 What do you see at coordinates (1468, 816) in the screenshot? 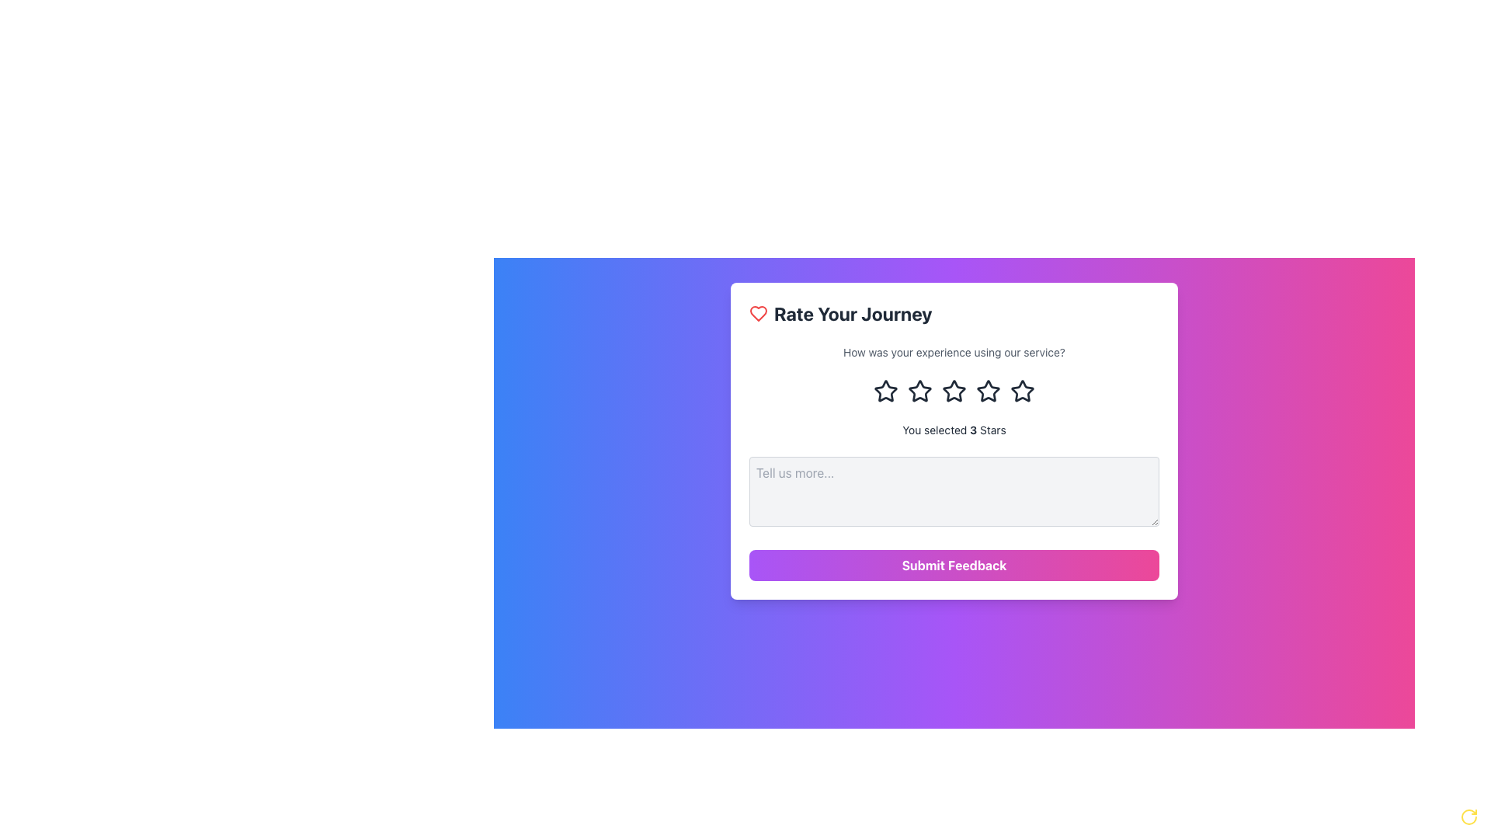
I see `the circular yellow refresh icon button located in the bottom-right corner of the interface` at bounding box center [1468, 816].